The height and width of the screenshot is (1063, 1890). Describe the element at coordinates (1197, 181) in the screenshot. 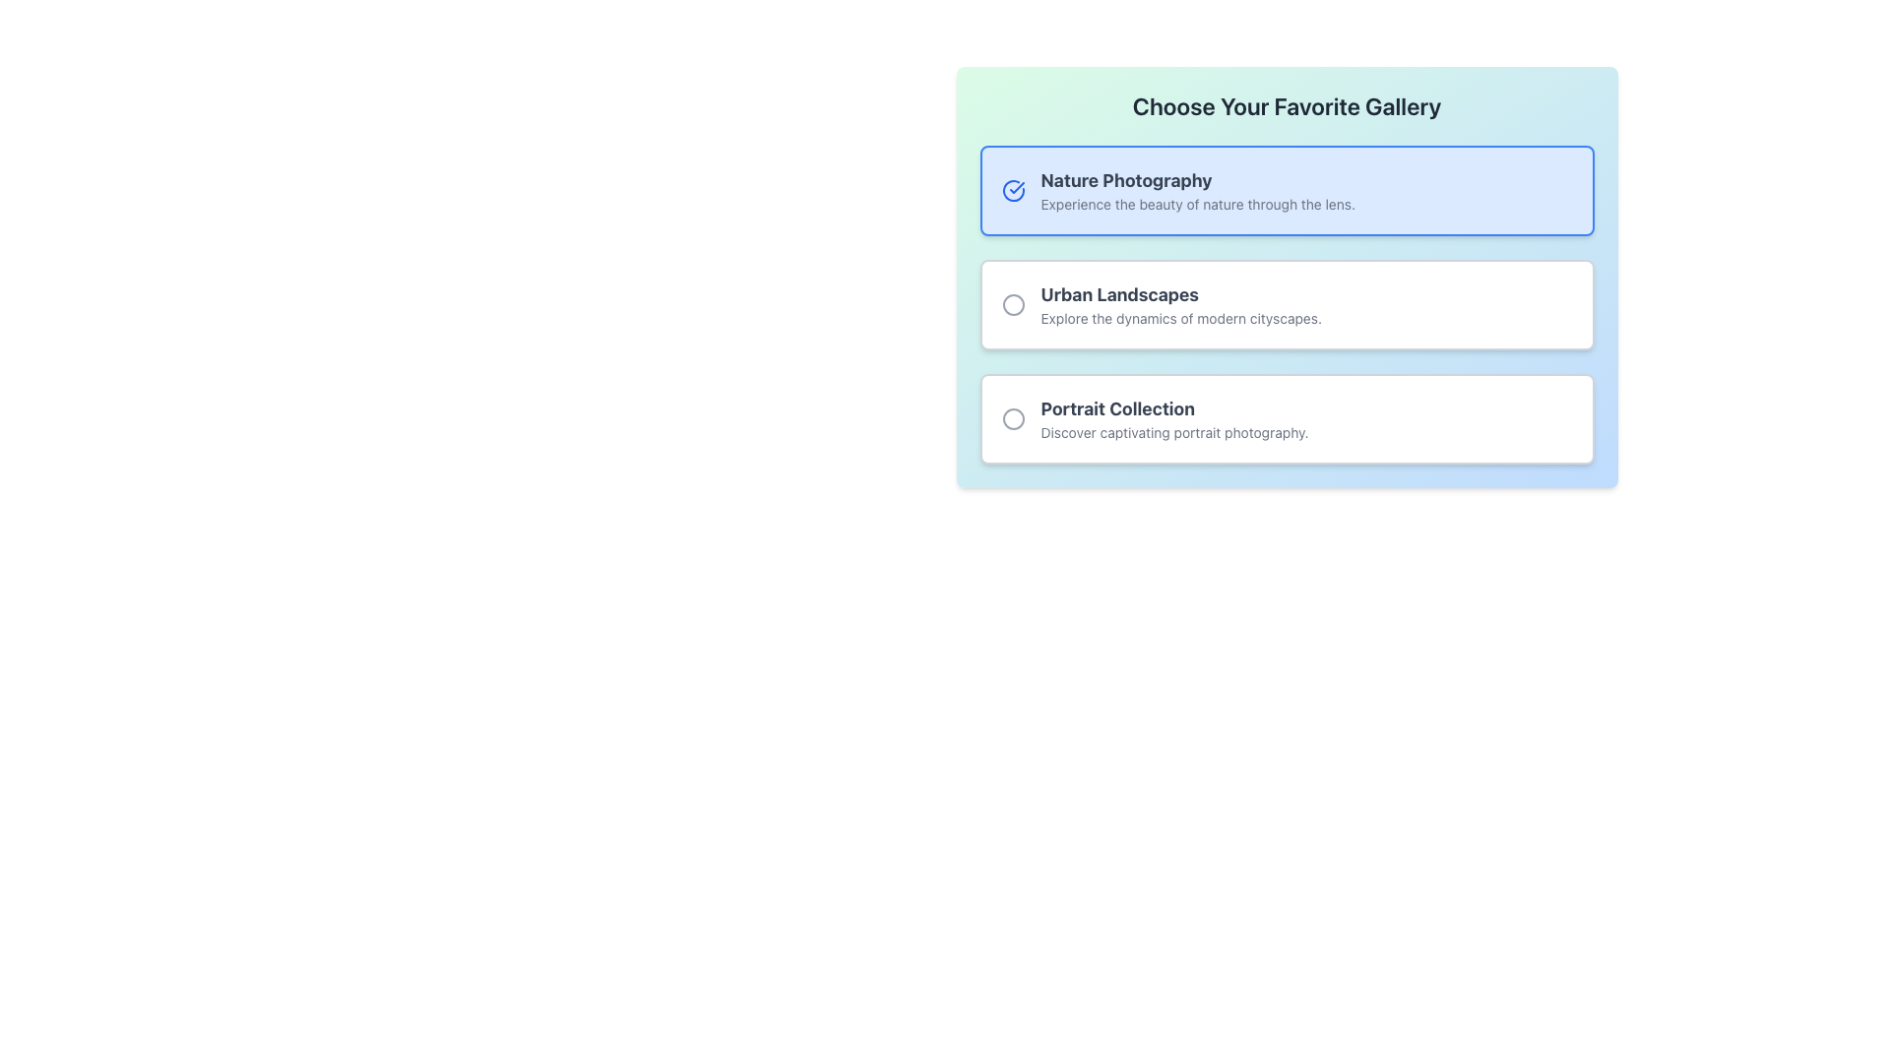

I see `the title text of the first selection option in the gallery selection interface, which indicates the name of the gallery option` at that location.